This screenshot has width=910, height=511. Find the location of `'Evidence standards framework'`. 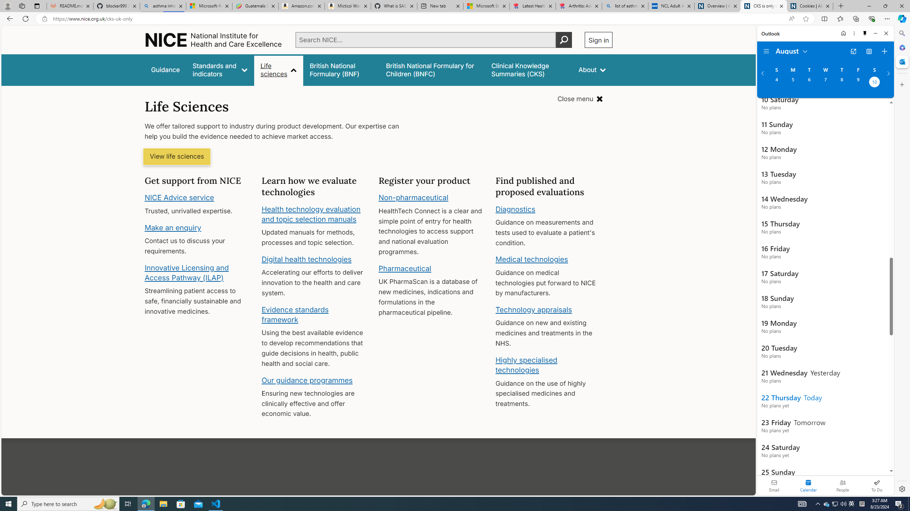

'Evidence standards framework' is located at coordinates (294, 314).